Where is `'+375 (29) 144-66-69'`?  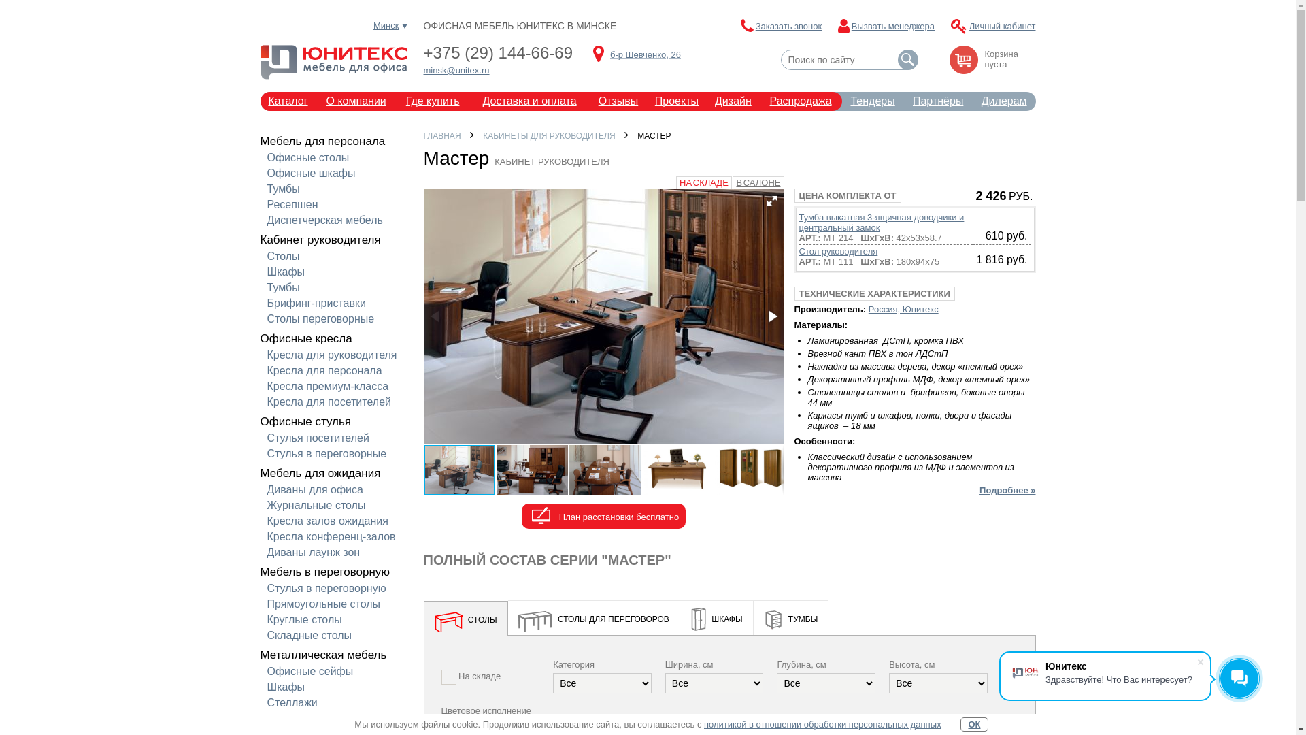
'+375 (29) 144-66-69' is located at coordinates (497, 52).